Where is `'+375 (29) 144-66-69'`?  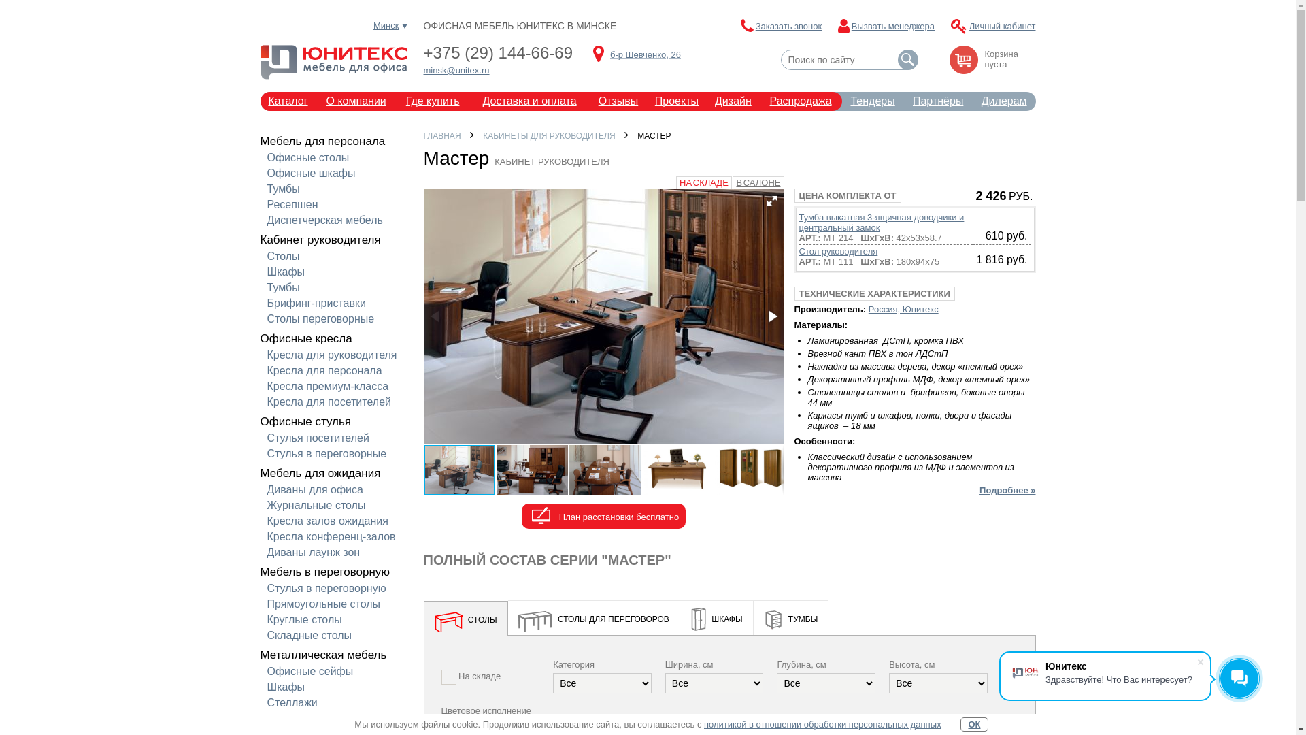
'+375 (29) 144-66-69' is located at coordinates (497, 52).